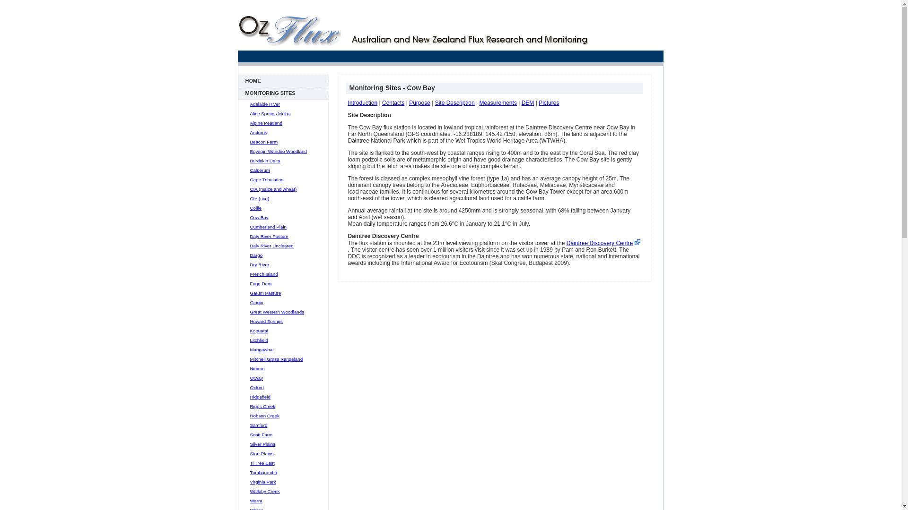  I want to click on 'Fogg Dam', so click(261, 283).